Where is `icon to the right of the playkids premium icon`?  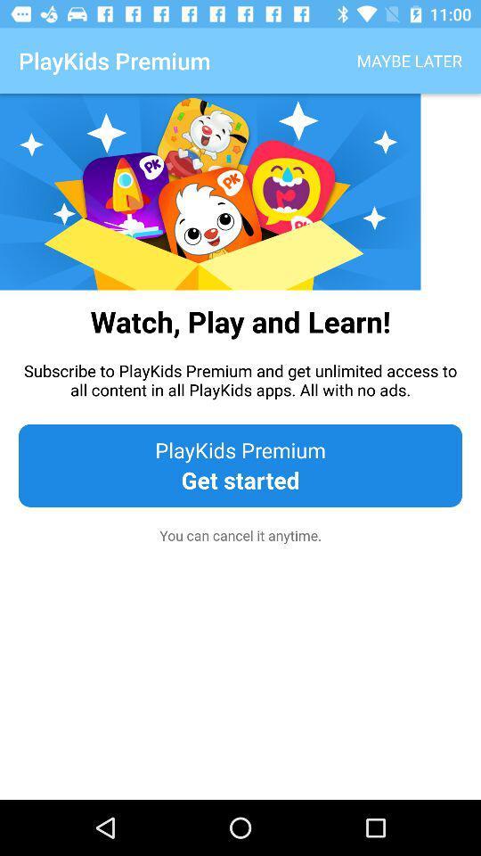 icon to the right of the playkids premium icon is located at coordinates (409, 61).